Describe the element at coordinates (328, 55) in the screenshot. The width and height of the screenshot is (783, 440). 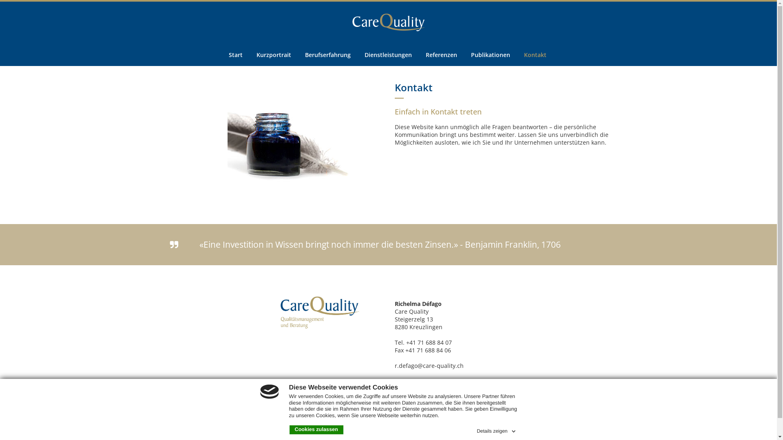
I see `'Berufserfahrung'` at that location.